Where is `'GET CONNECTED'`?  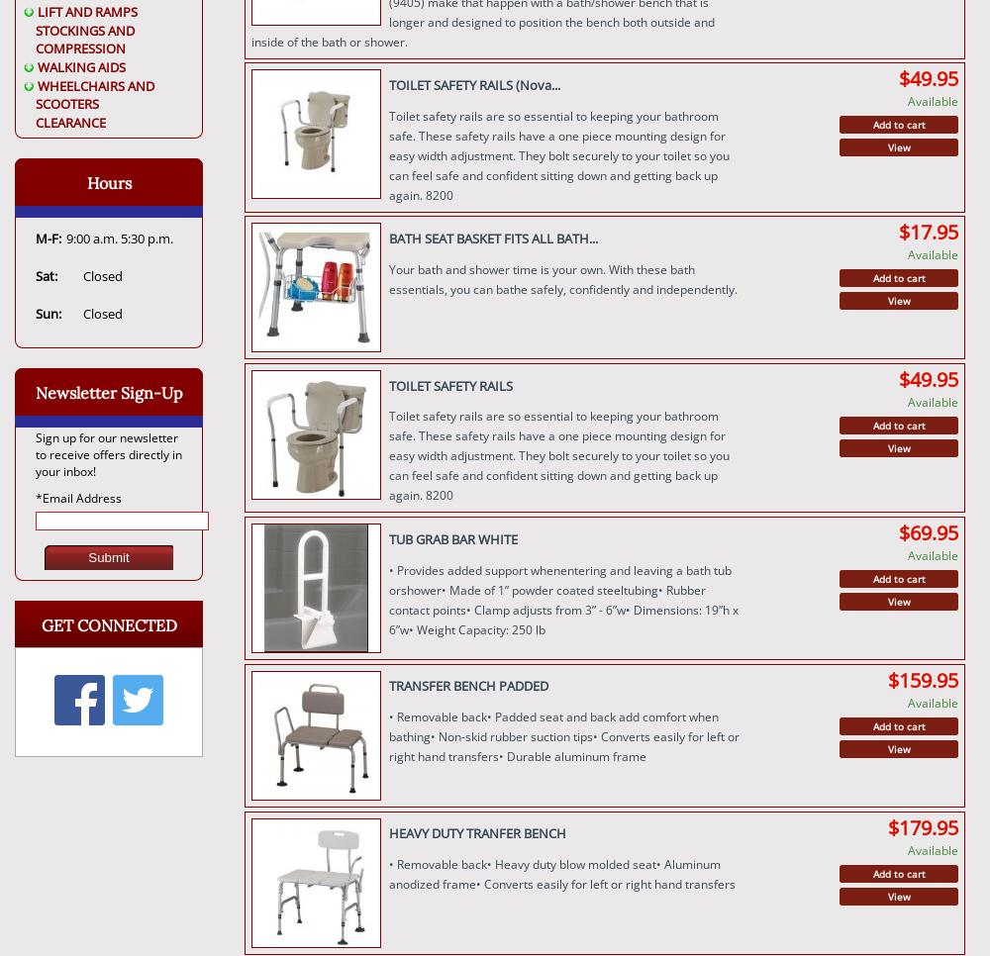 'GET CONNECTED' is located at coordinates (107, 623).